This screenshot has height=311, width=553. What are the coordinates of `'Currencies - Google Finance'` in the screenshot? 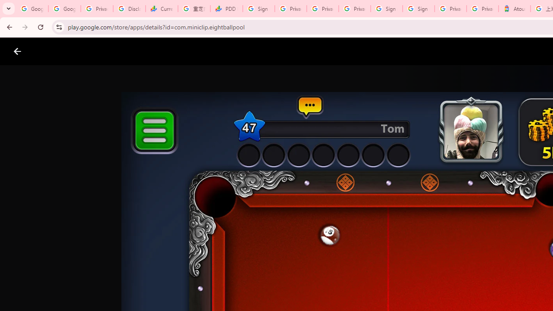 It's located at (162, 9).